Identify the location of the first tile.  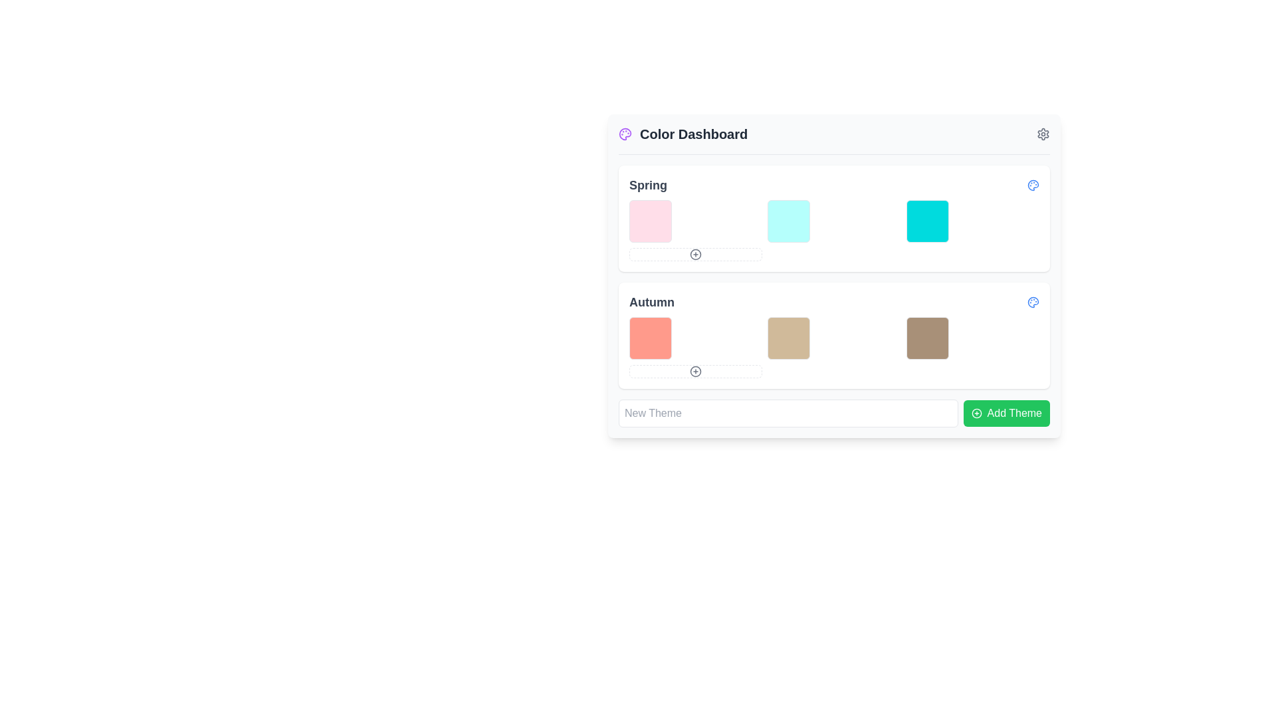
(651, 338).